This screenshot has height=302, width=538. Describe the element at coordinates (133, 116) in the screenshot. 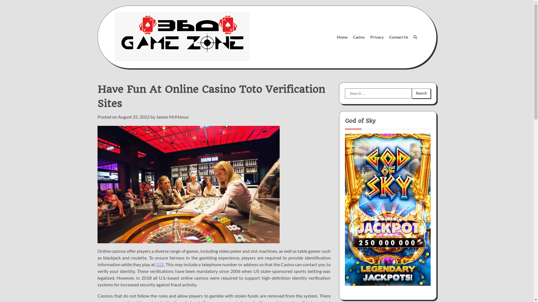

I see `'August 25, 2022'` at that location.